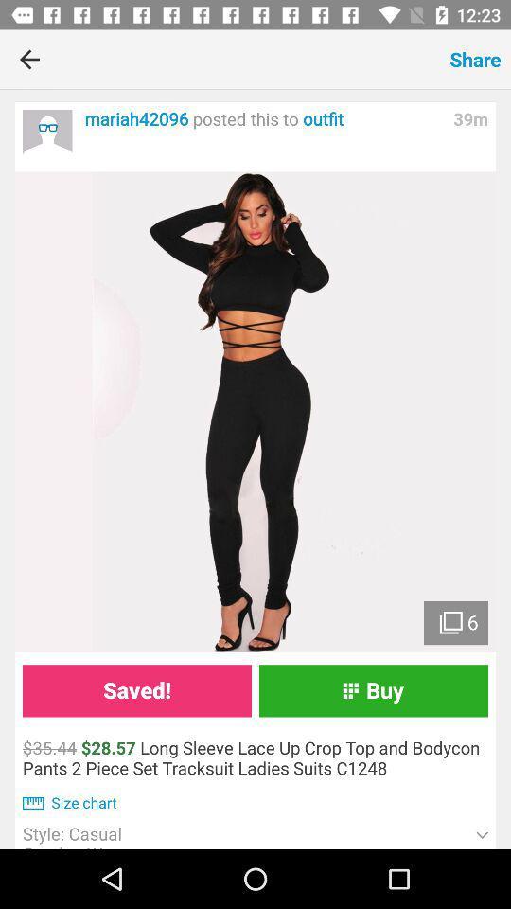 The width and height of the screenshot is (511, 909). Describe the element at coordinates (255, 412) in the screenshot. I see `highlight` at that location.